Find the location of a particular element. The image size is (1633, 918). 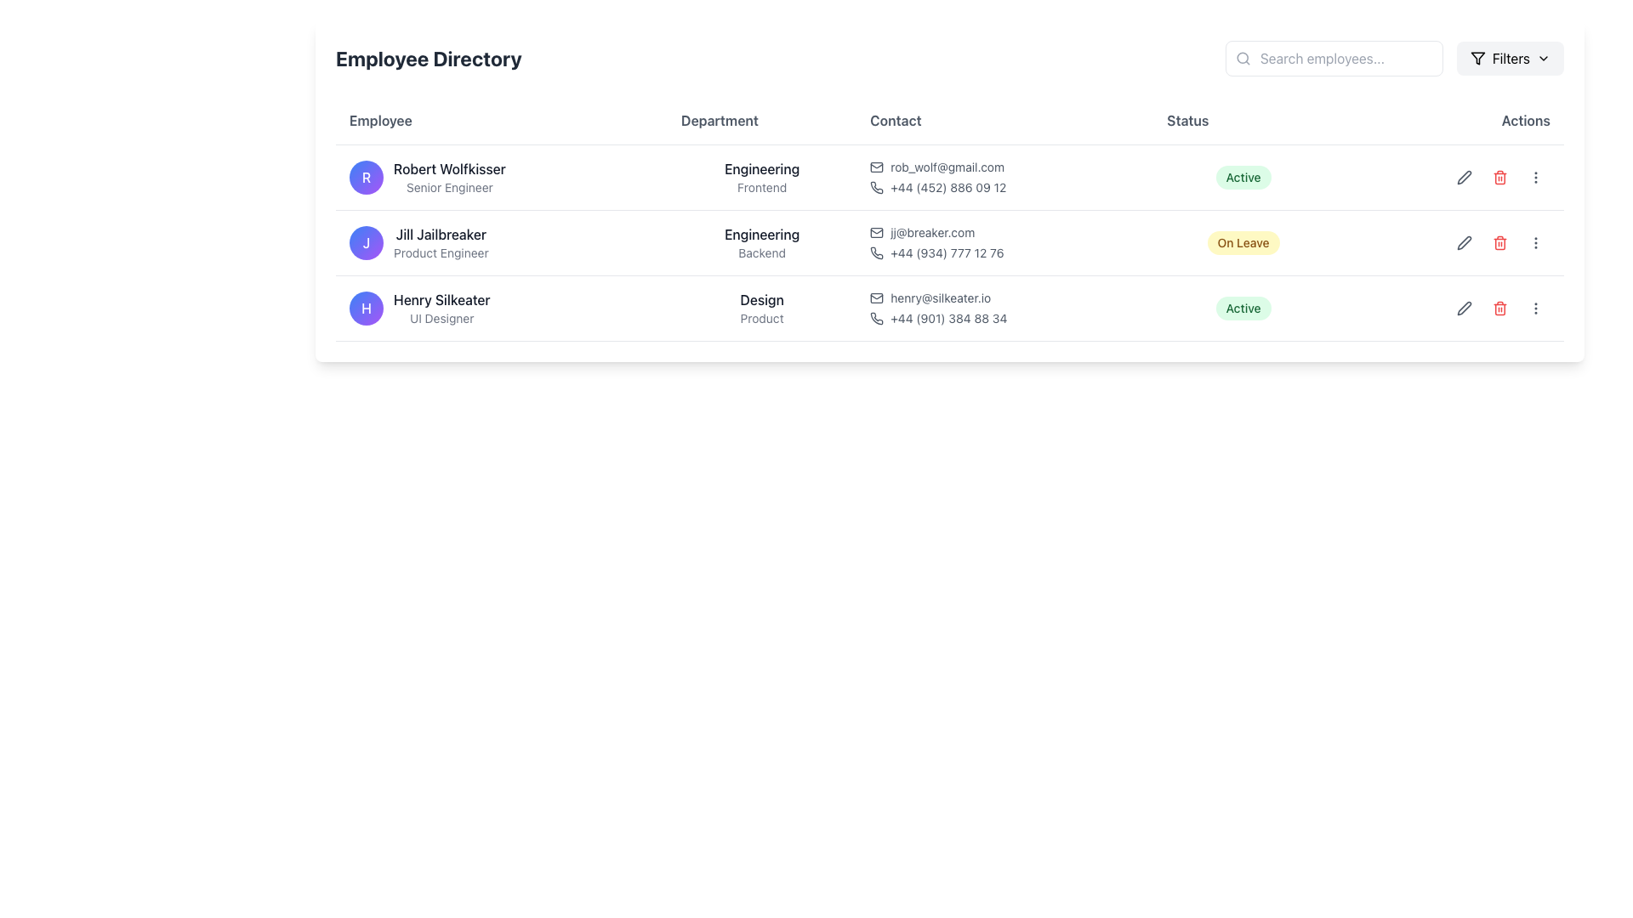

the menu trigger button located at the far right of the 'Actions' column in the third row of the table to change its appearance is located at coordinates (1535, 308).